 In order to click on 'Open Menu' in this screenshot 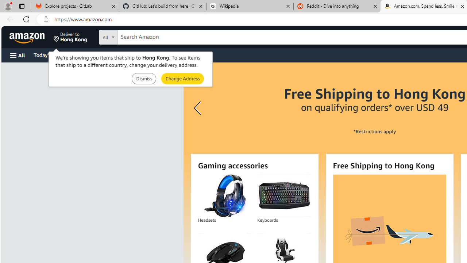, I will do `click(18, 55)`.